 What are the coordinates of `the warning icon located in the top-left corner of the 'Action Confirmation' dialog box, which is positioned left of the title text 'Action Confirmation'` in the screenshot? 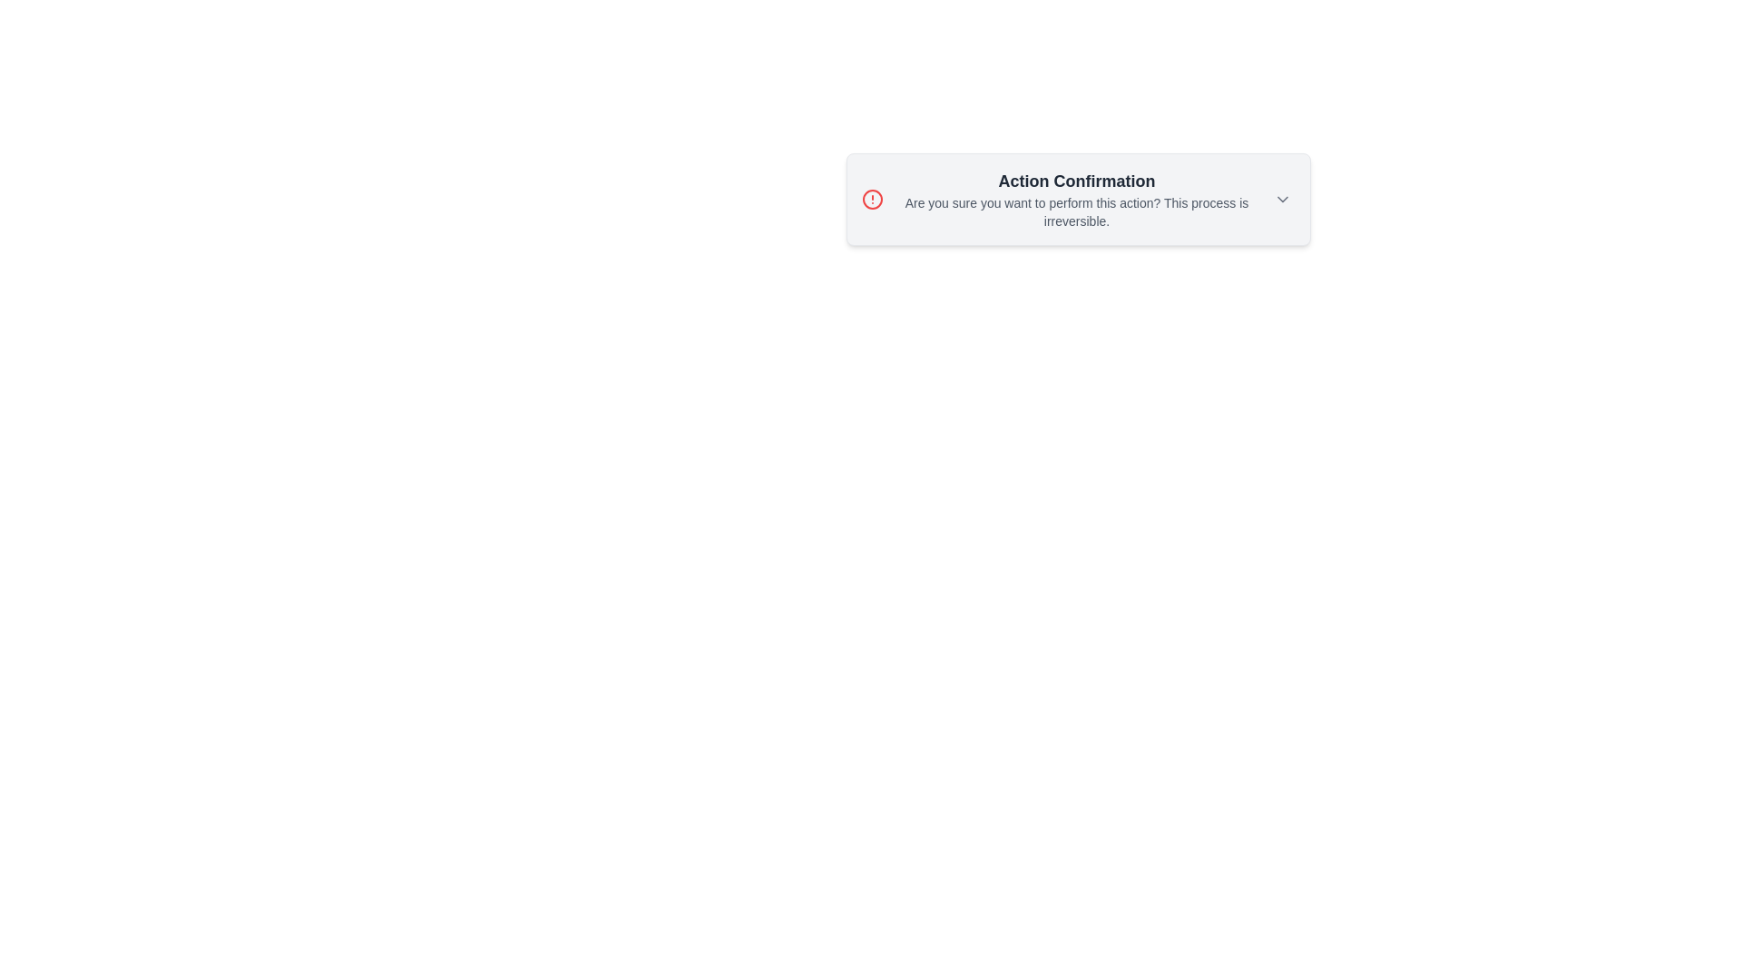 It's located at (872, 199).